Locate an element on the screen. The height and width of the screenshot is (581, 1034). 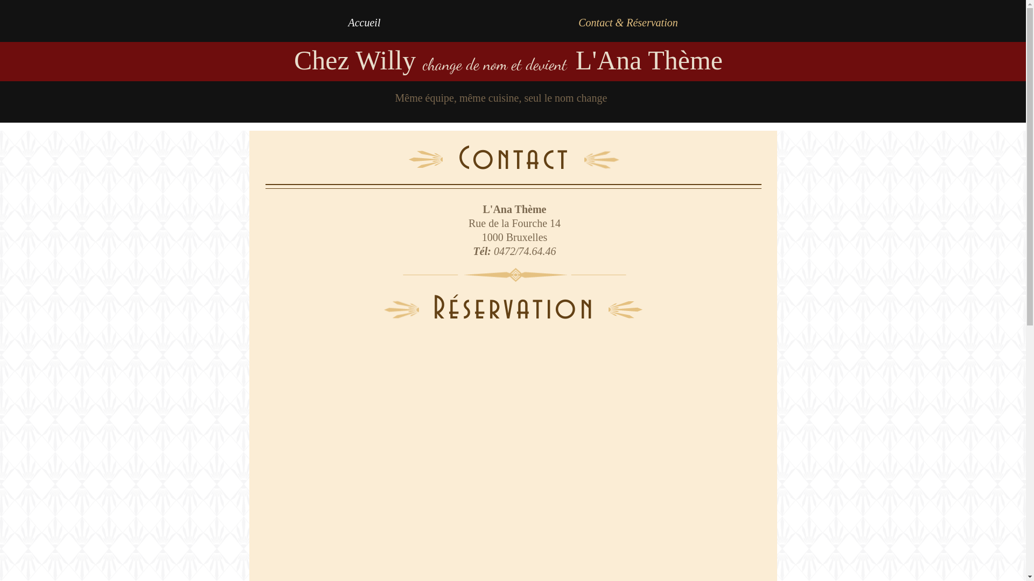
'Accueil' is located at coordinates (364, 23).